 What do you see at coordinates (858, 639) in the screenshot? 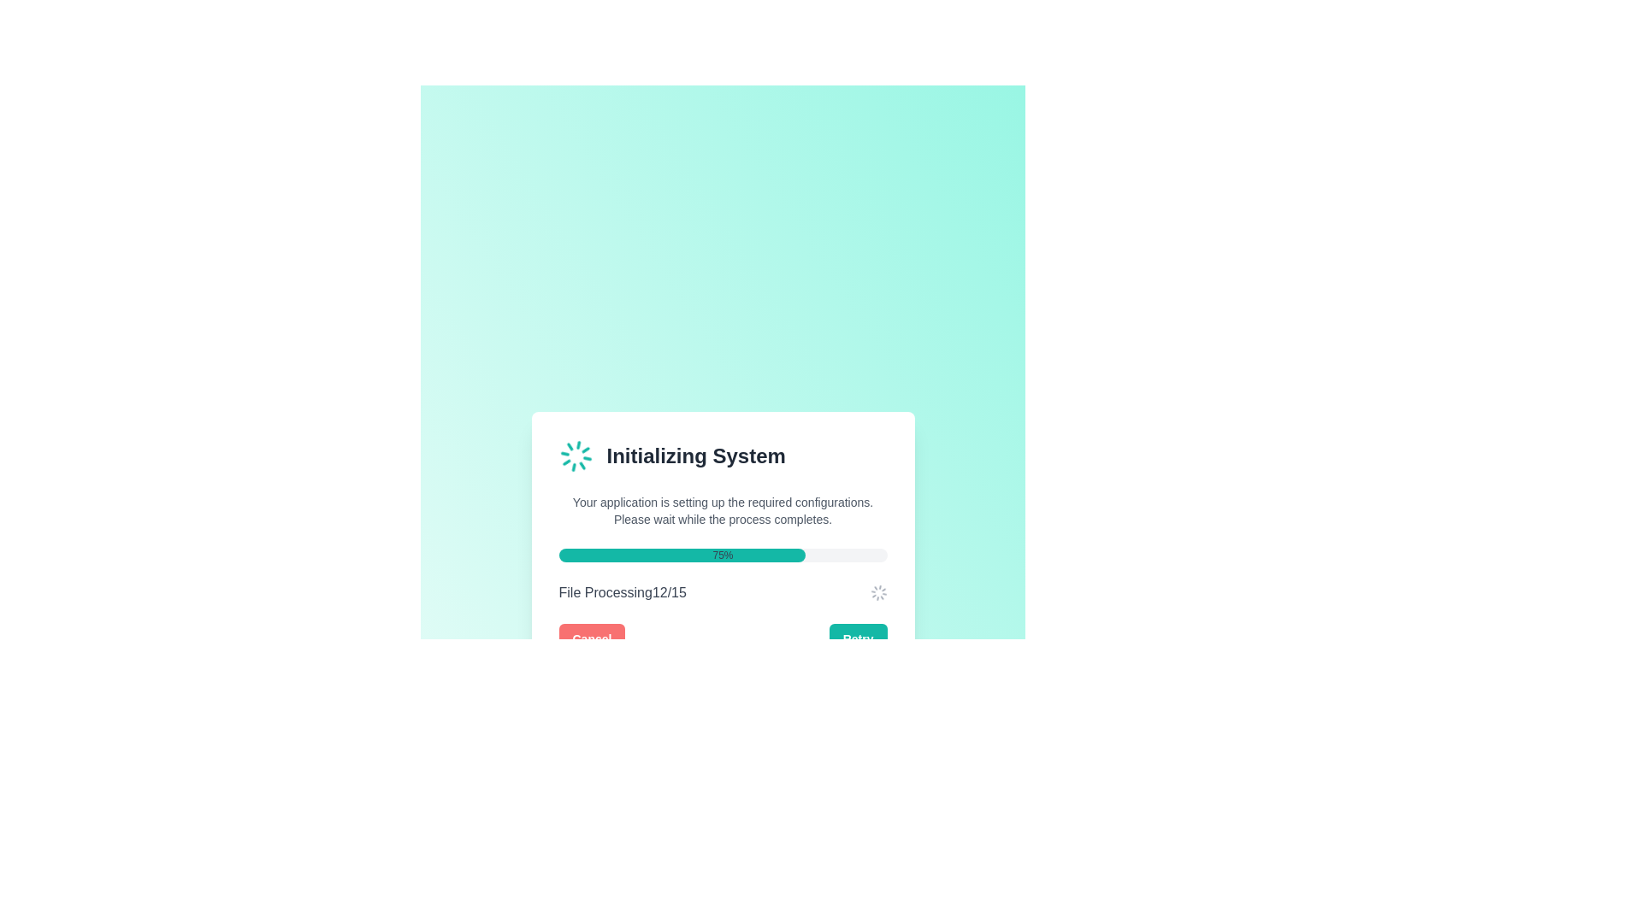
I see `the retry button located in the bottom-right corner of the modal interface` at bounding box center [858, 639].